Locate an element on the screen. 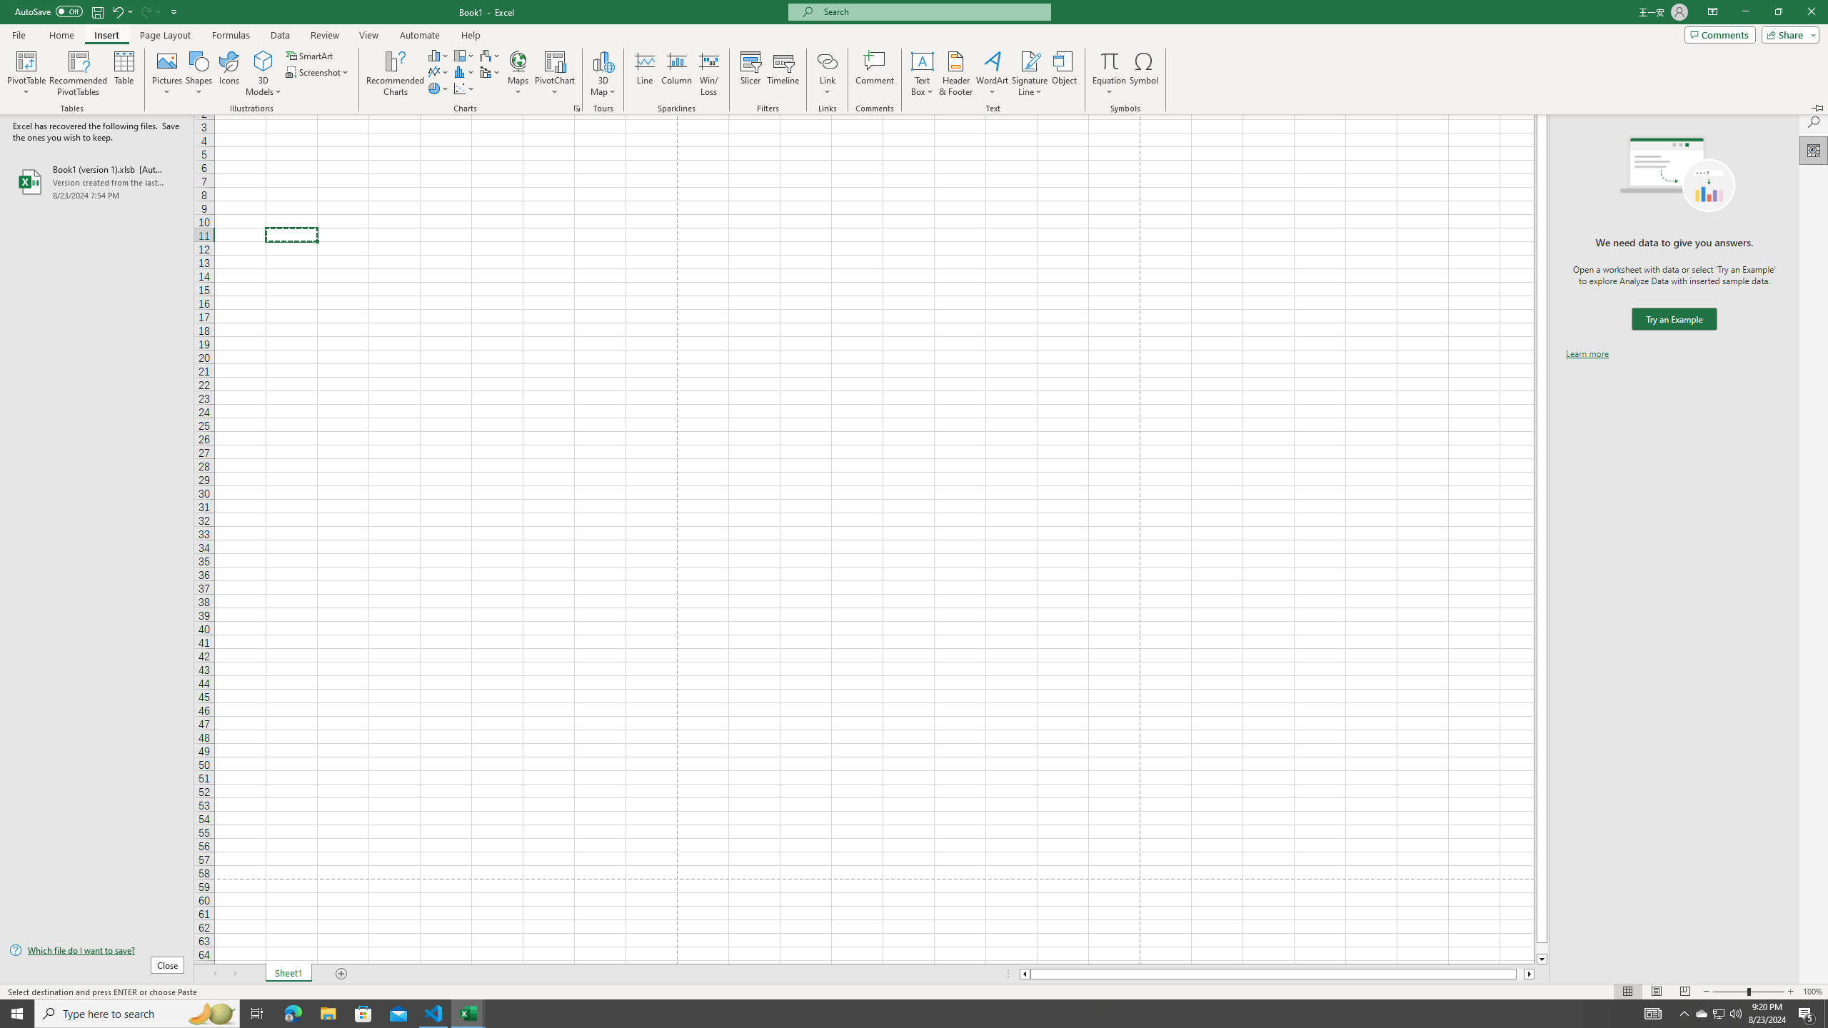 The image size is (1828, 1028). 'View' is located at coordinates (367, 35).